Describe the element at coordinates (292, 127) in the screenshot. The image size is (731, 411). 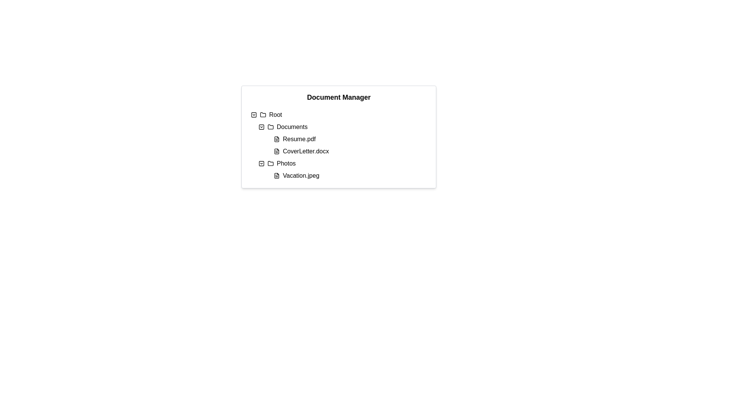
I see `the 'Documents' folder text label located below the 'Root' title and above 'Resume.pdf' and 'CoverLetter.docx'` at that location.